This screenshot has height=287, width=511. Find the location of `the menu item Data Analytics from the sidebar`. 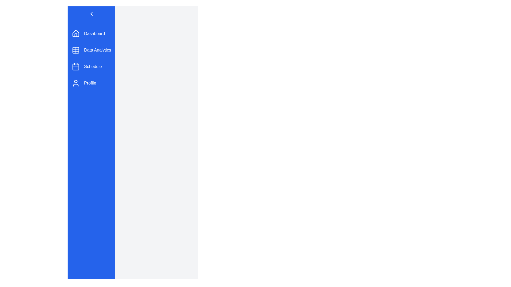

the menu item Data Analytics from the sidebar is located at coordinates (91, 50).